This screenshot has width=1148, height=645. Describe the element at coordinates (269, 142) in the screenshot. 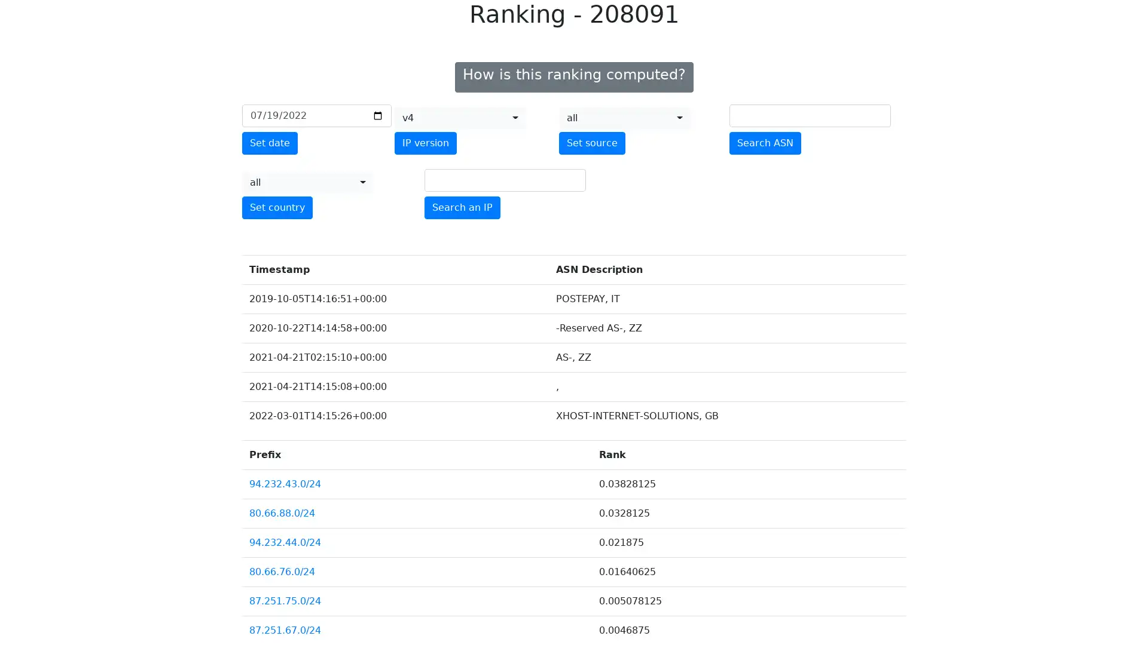

I see `Set date` at that location.